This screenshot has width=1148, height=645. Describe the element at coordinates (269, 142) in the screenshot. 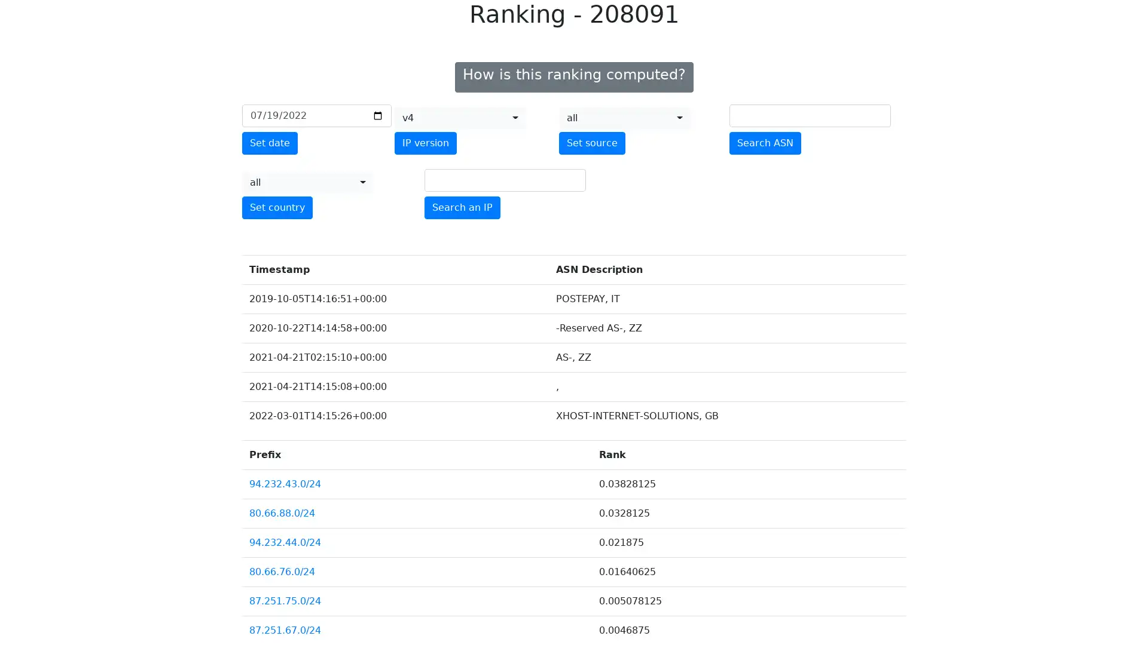

I see `Set date` at that location.